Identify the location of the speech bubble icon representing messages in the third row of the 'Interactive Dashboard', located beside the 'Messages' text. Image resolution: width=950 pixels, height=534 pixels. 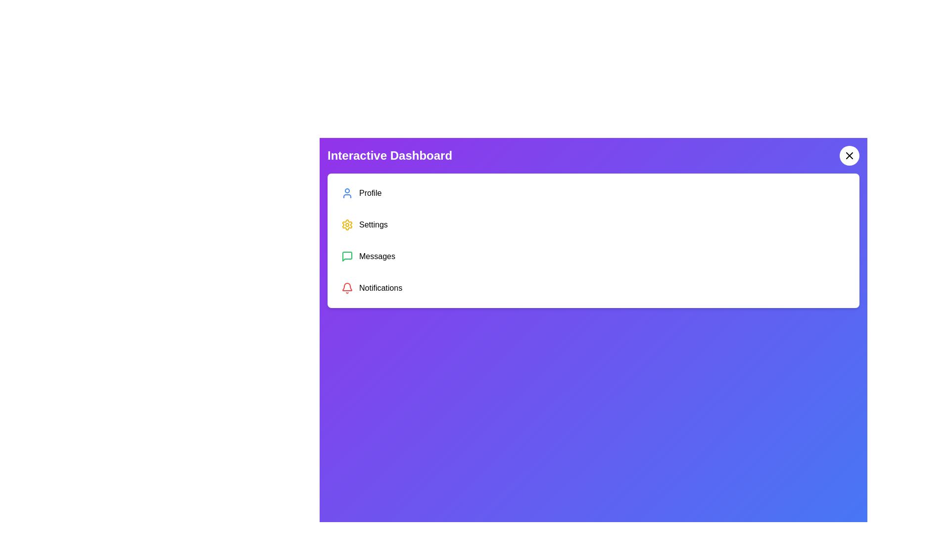
(347, 256).